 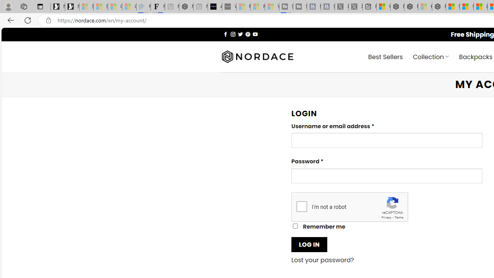 What do you see at coordinates (215, 7) in the screenshot?
I see `'AI Voice Changer for PC and Mac - Voice.ai'` at bounding box center [215, 7].